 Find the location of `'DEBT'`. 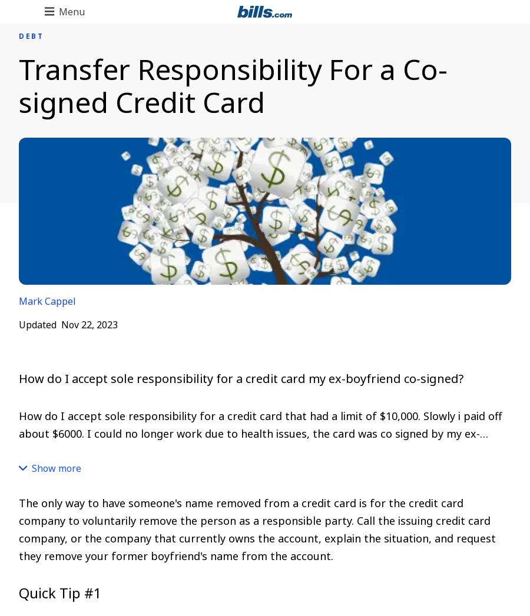

'DEBT' is located at coordinates (31, 36).